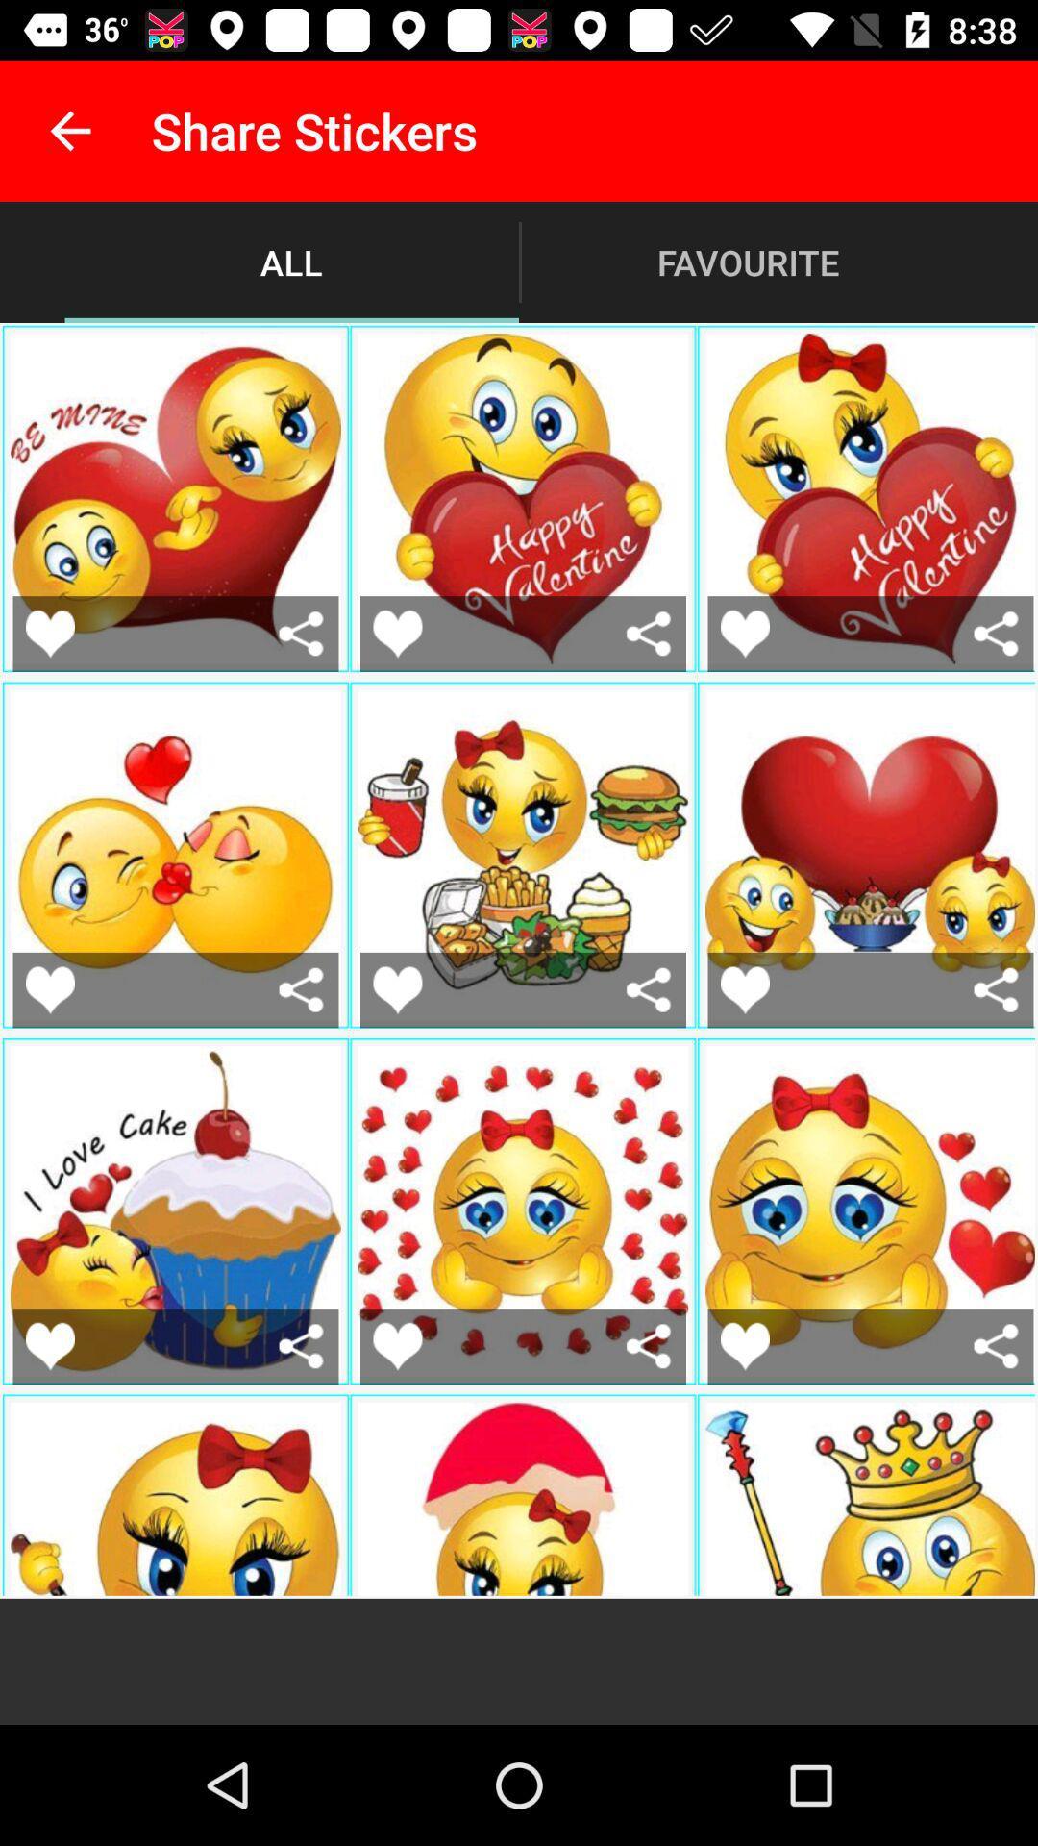 The height and width of the screenshot is (1846, 1038). What do you see at coordinates (301, 1345) in the screenshot?
I see `share` at bounding box center [301, 1345].